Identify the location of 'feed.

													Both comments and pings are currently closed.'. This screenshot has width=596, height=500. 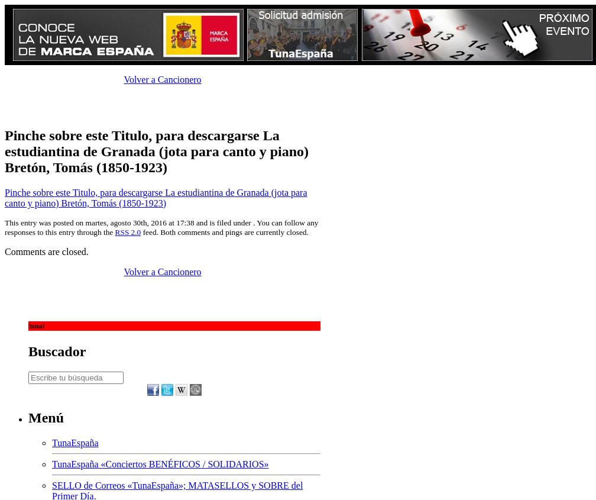
(224, 231).